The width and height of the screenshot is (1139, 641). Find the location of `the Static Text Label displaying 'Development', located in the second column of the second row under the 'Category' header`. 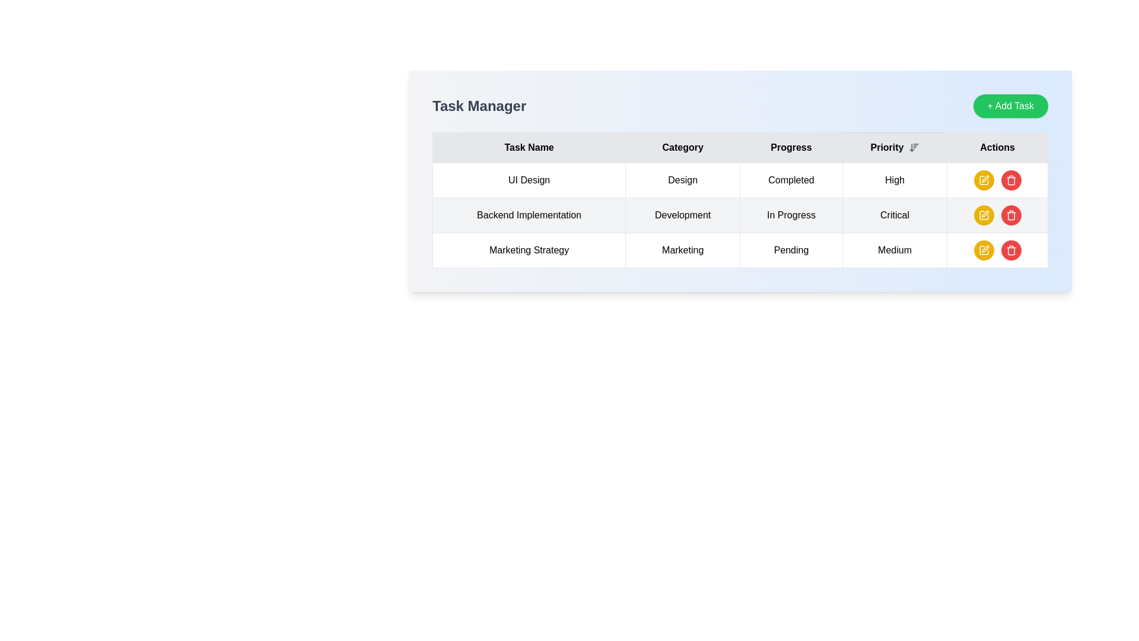

the Static Text Label displaying 'Development', located in the second column of the second row under the 'Category' header is located at coordinates (683, 215).